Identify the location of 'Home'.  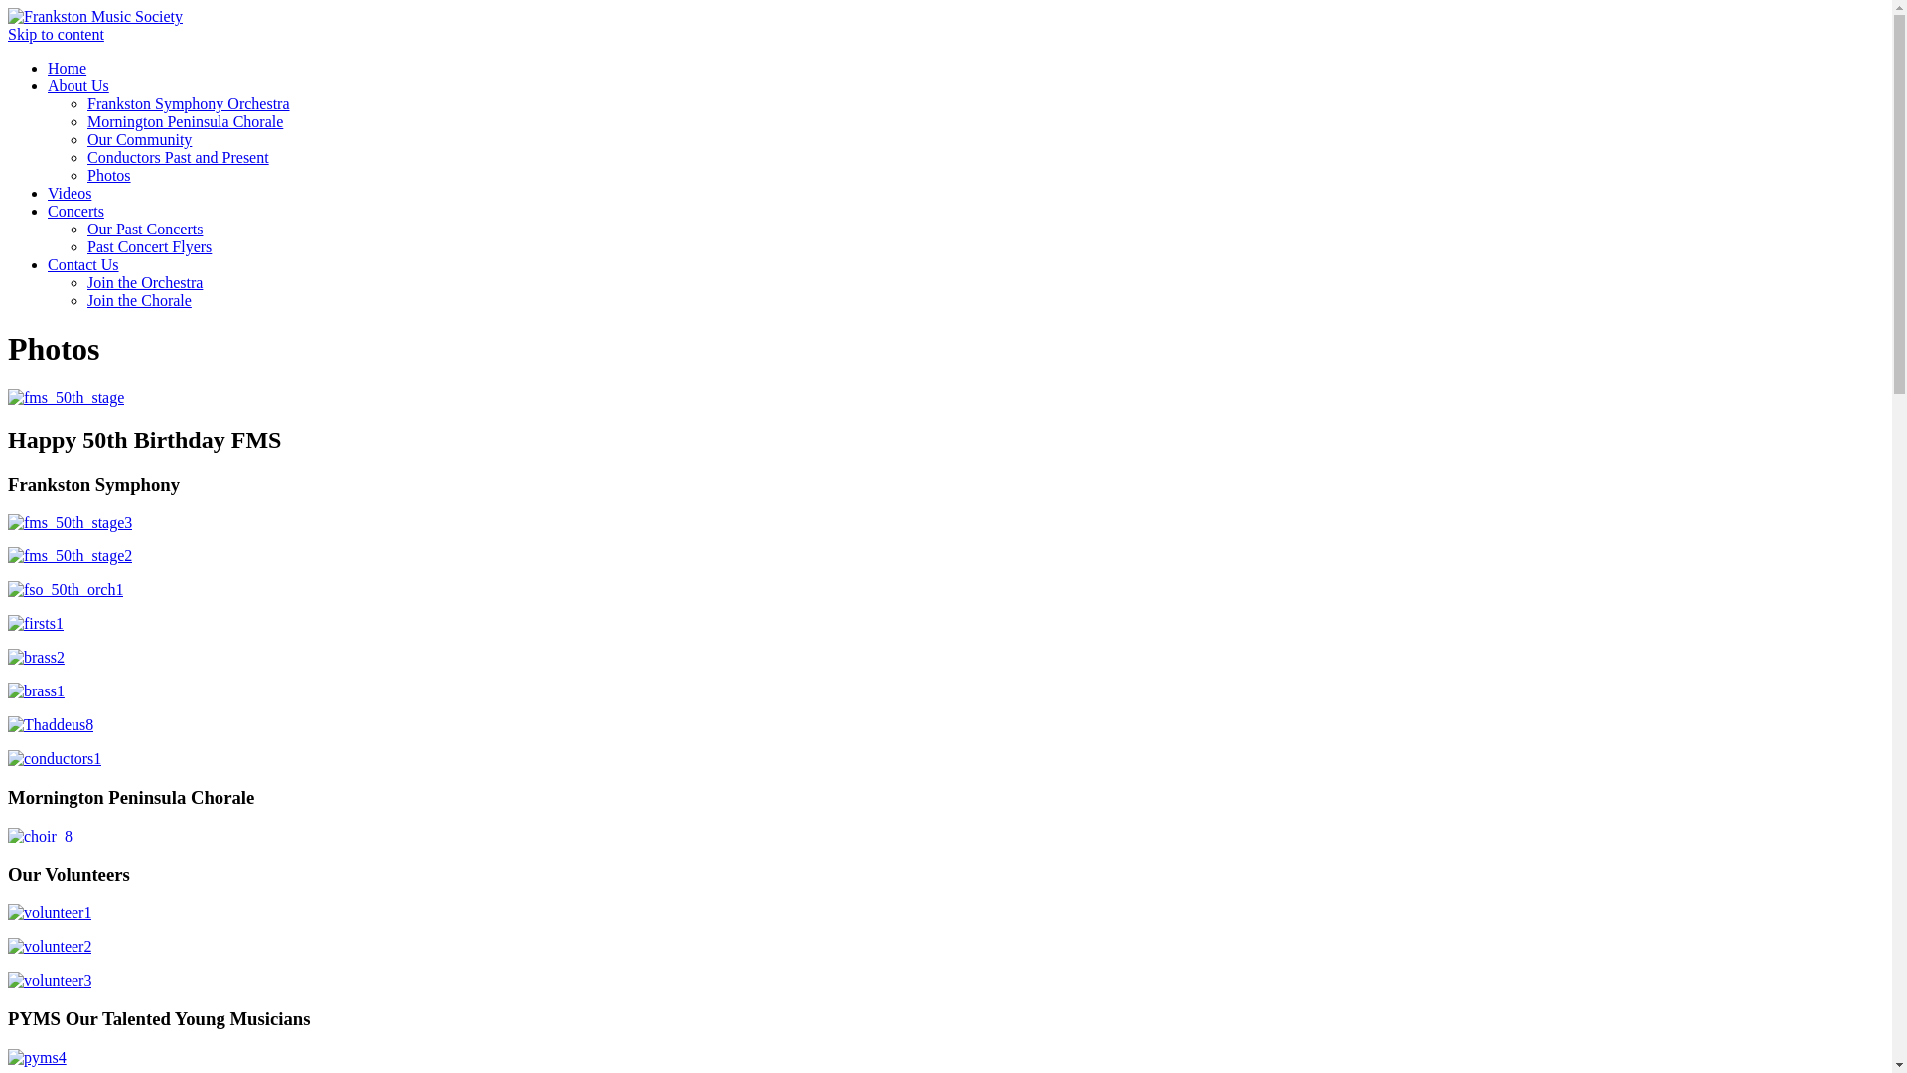
(48, 67).